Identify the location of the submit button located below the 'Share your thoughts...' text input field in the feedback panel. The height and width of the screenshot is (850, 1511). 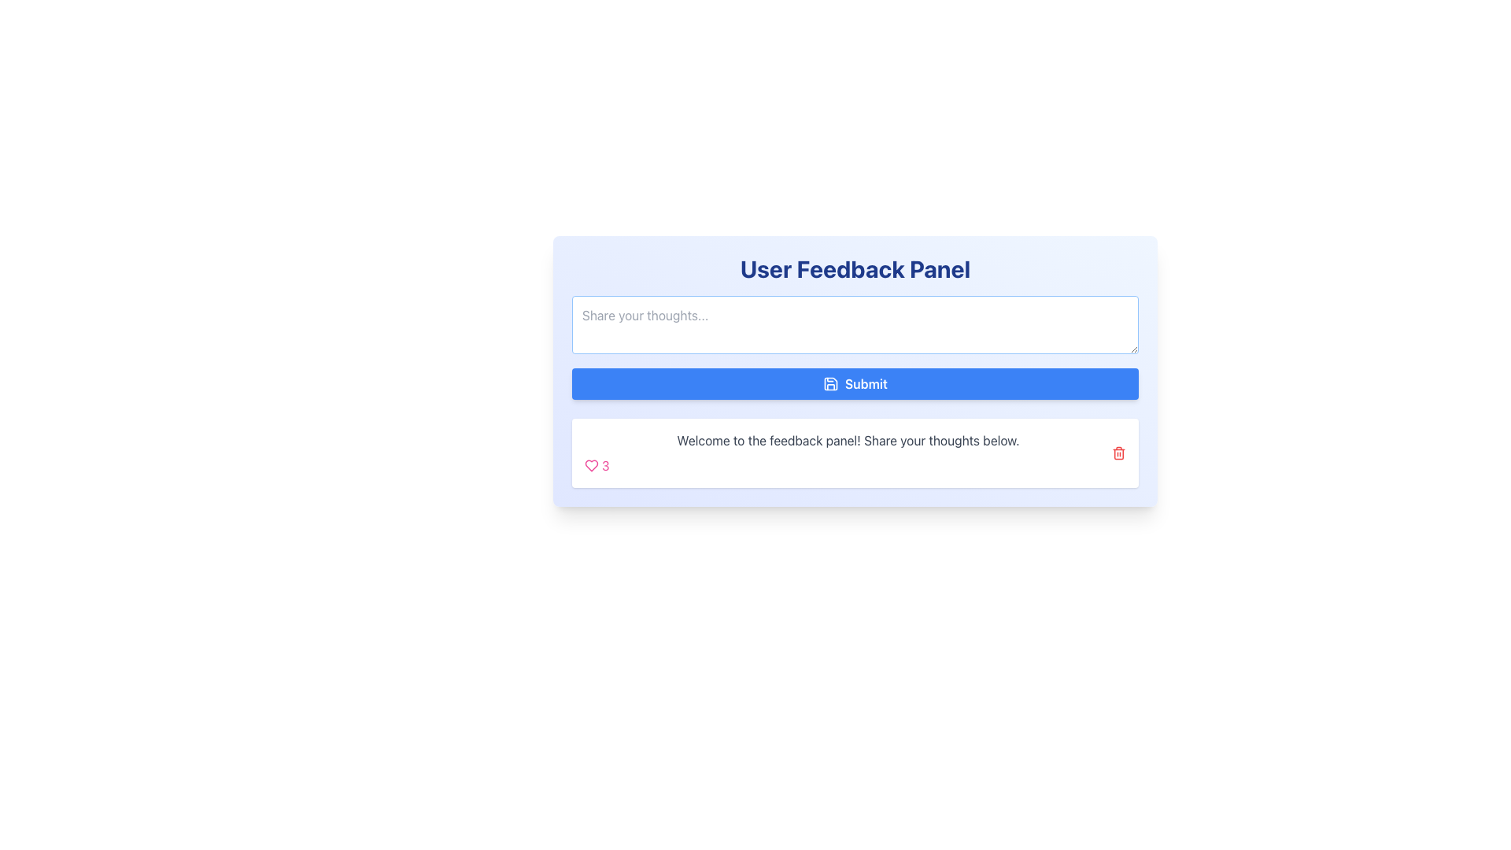
(854, 384).